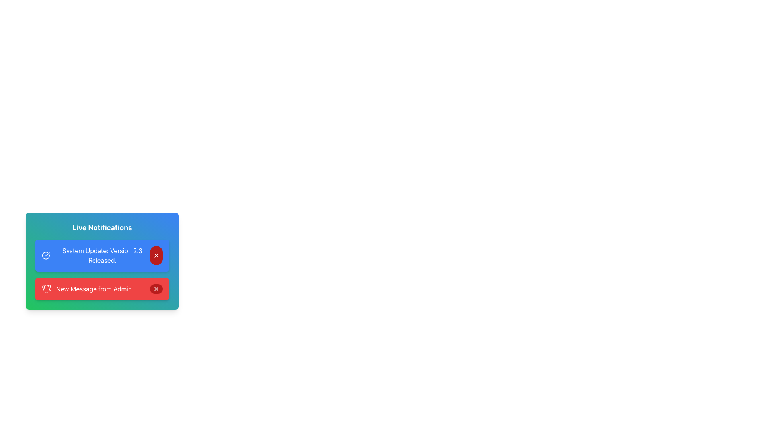 Image resolution: width=764 pixels, height=430 pixels. Describe the element at coordinates (45, 255) in the screenshot. I see `the Decorative icon that represents the status or confirmation of the notification labeled 'System Update: Version 2.3 Released.' This icon is the leftmost component of the notification layout` at that location.